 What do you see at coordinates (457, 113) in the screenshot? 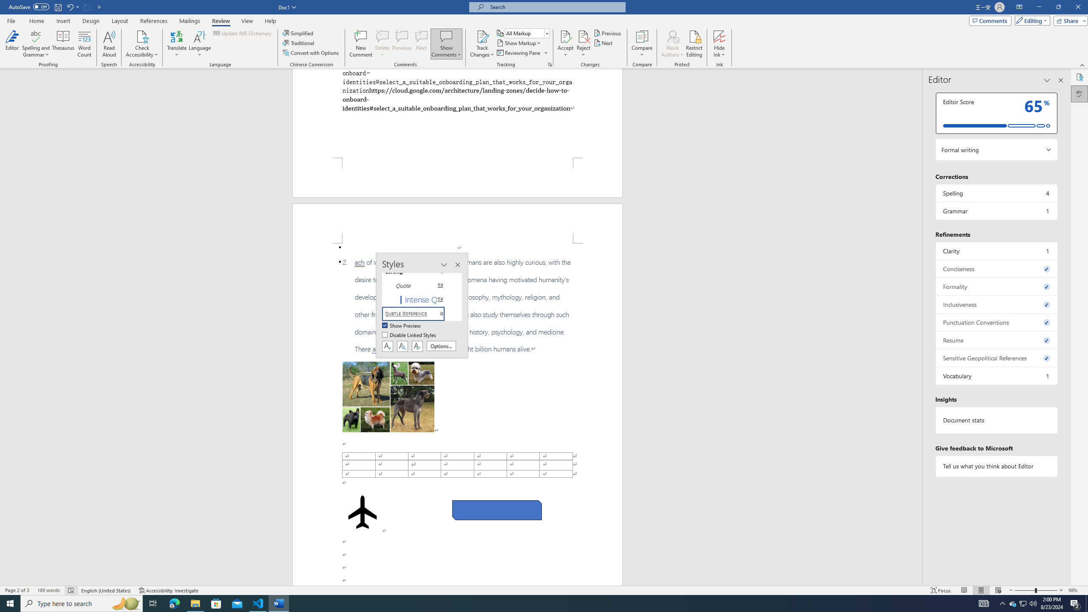
I see `'Page 1 content'` at bounding box center [457, 113].